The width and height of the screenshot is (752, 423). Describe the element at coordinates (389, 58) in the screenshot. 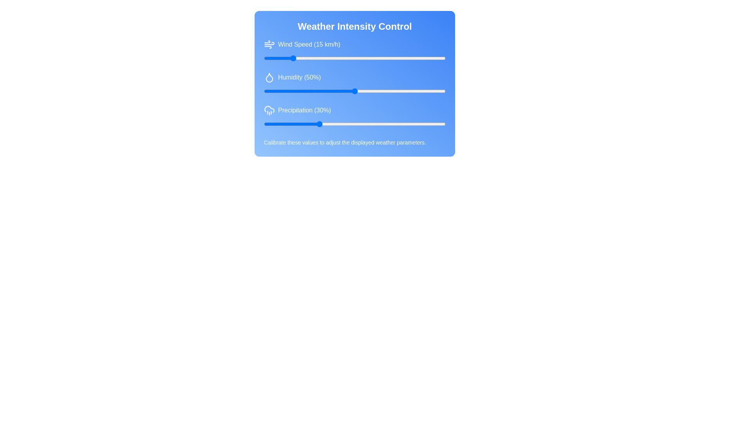

I see `the wind speed` at that location.